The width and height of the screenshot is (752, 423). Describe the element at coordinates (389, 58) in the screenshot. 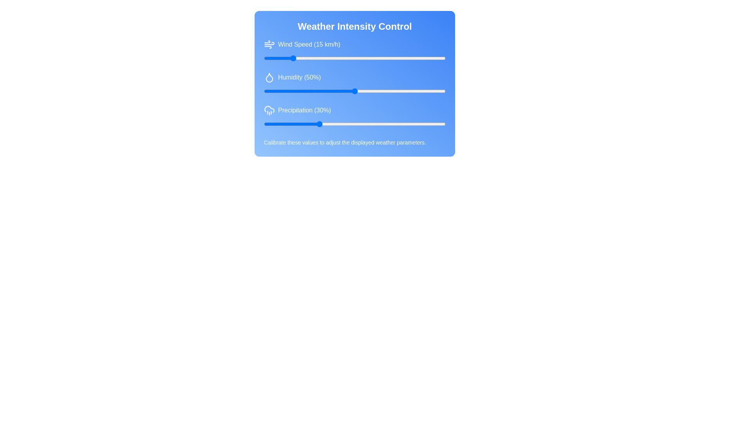

I see `the wind speed` at that location.